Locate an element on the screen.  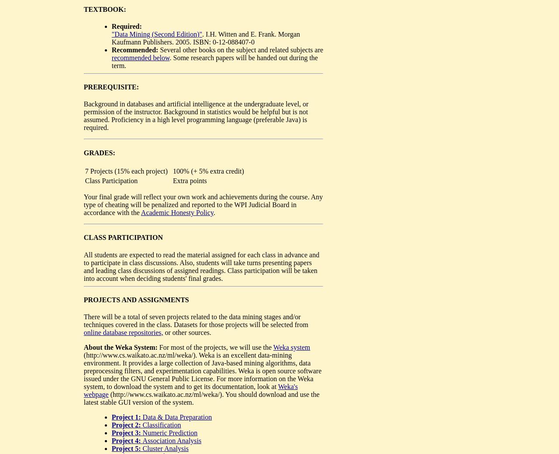
'There will be a total of seven projects 
related to the data mining stages and/or techniques
covered in the class.
Datasets for those projects will be selected from' is located at coordinates (195, 321).